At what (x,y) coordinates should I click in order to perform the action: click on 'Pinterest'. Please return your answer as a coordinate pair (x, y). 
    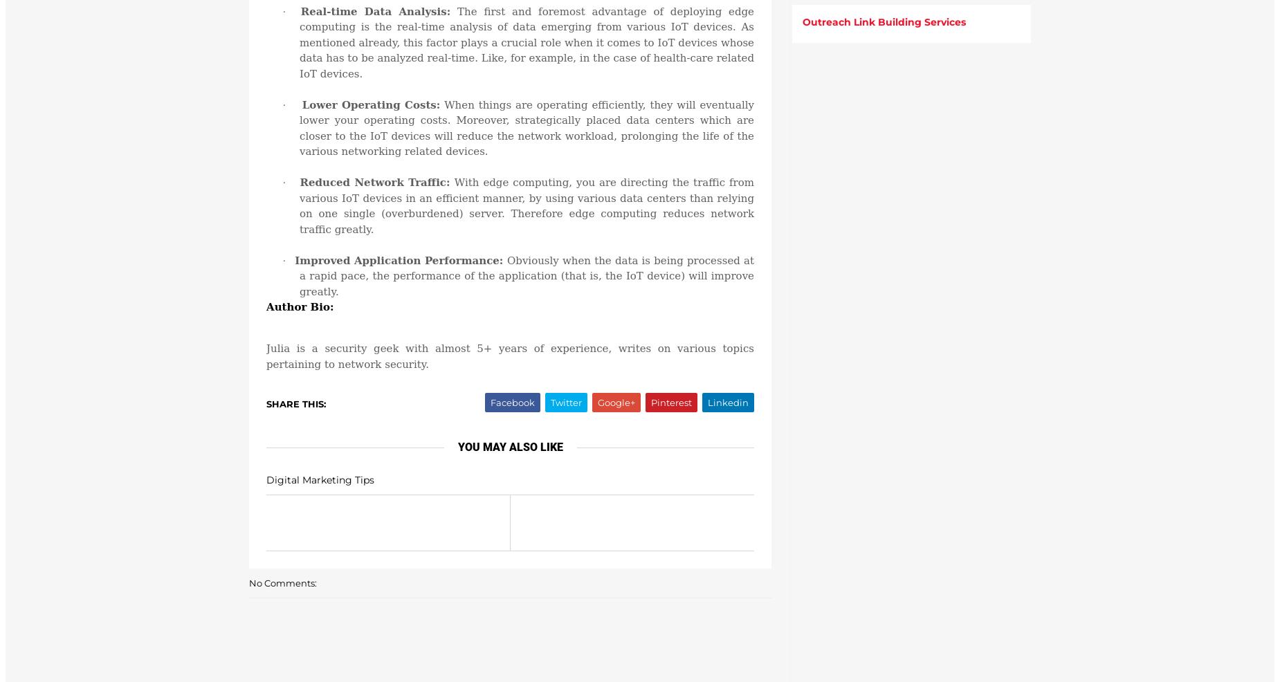
    Looking at the image, I should click on (670, 403).